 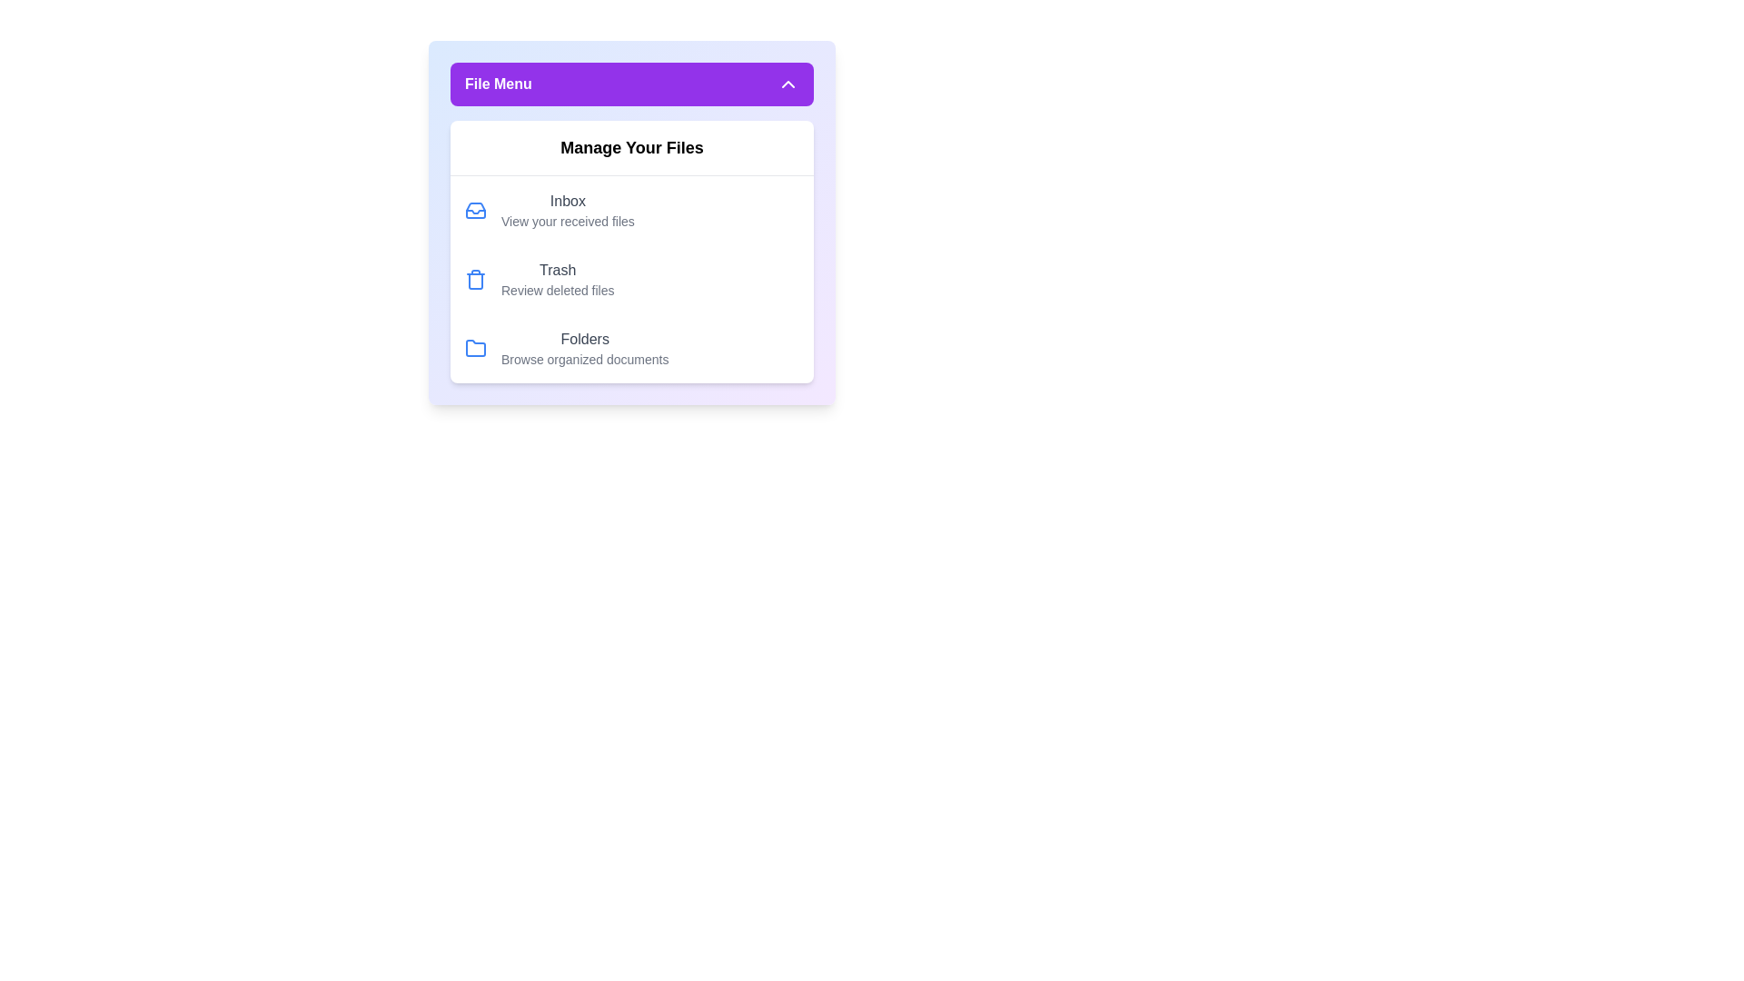 I want to click on the 'Folders' menu item to browse organized documents, so click(x=584, y=349).